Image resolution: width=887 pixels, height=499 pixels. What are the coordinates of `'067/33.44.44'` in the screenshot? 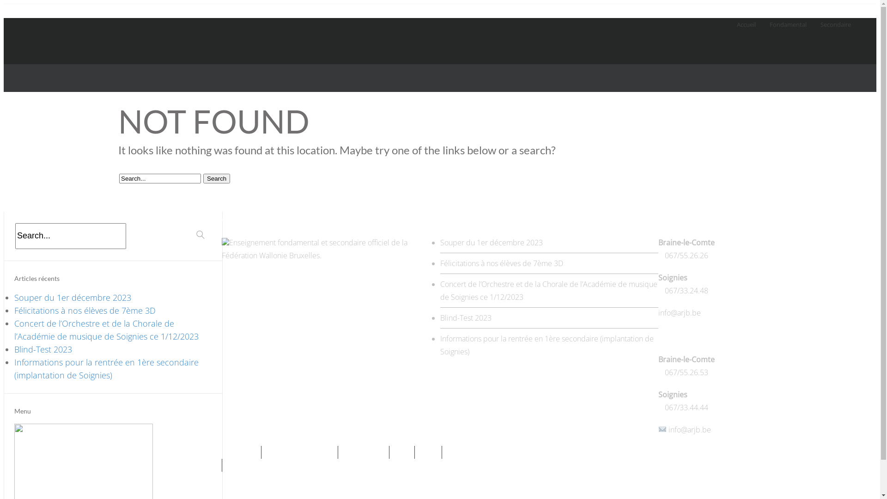 It's located at (687, 407).